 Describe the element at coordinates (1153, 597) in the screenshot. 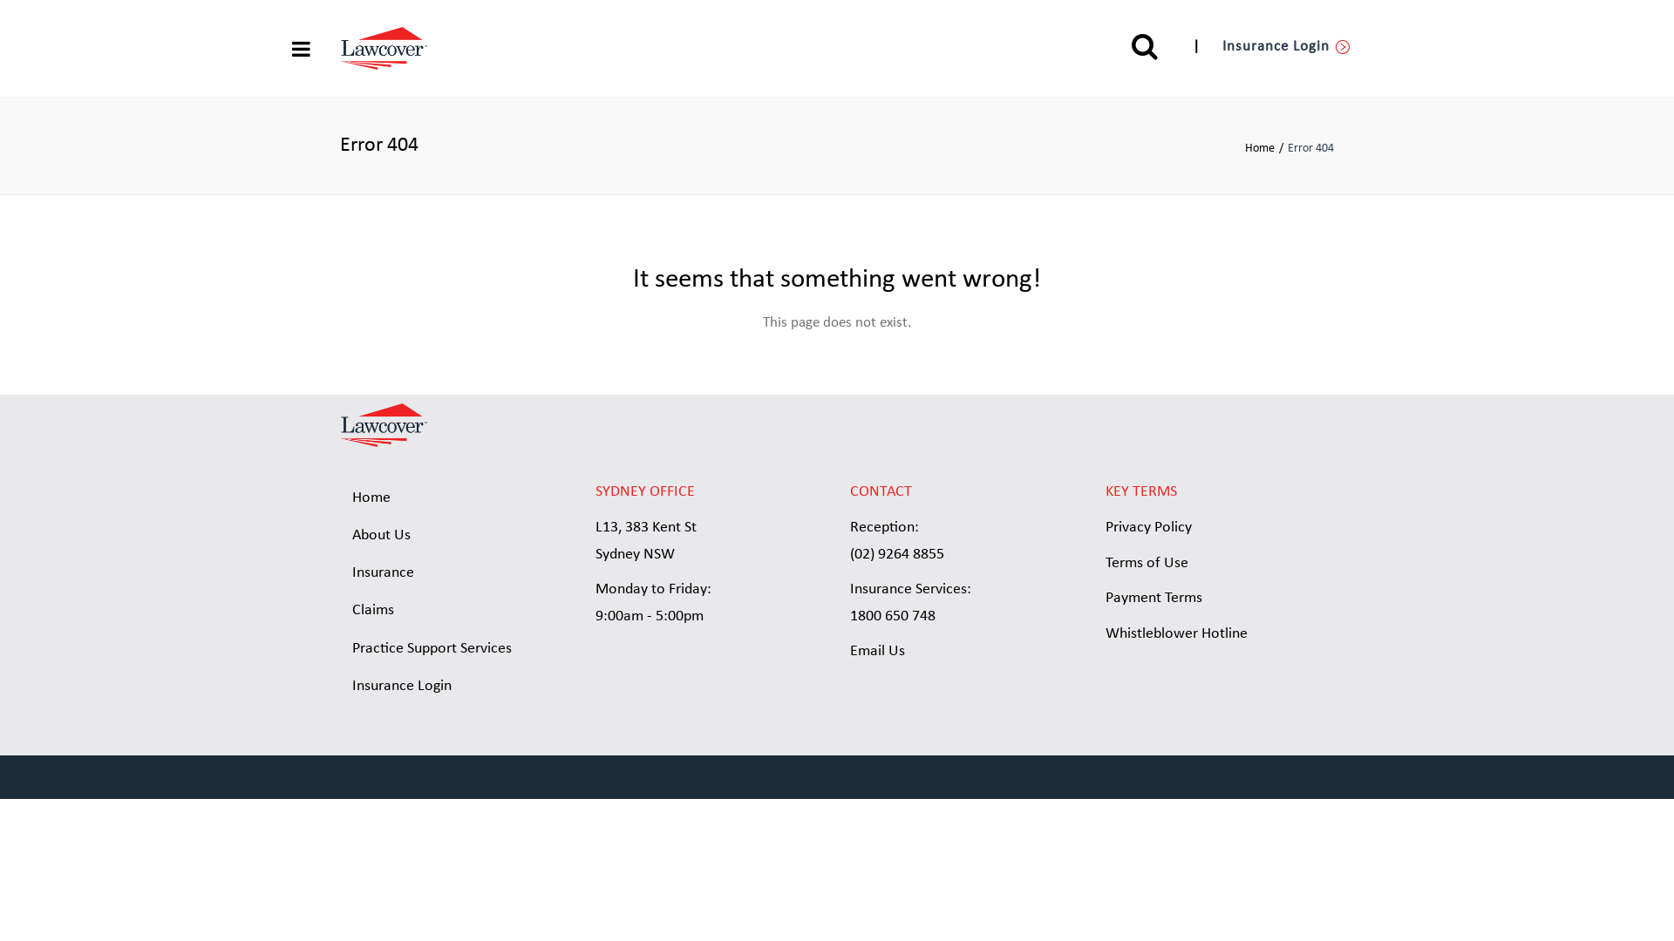

I see `'Payment Terms'` at that location.